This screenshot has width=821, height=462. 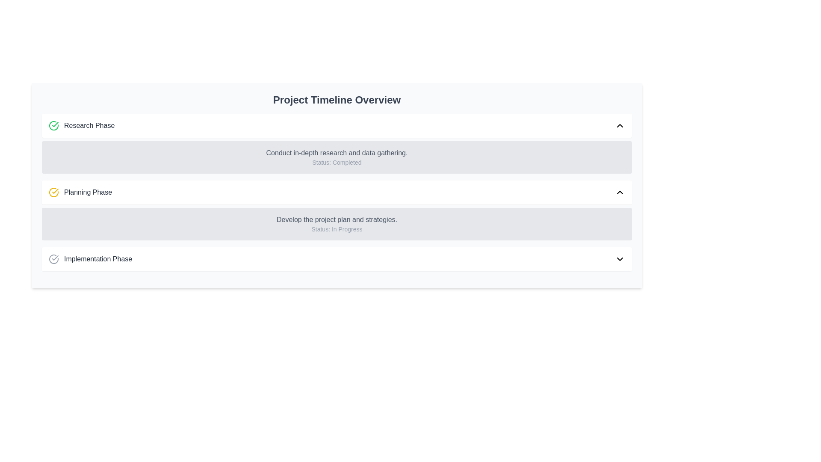 What do you see at coordinates (53, 192) in the screenshot?
I see `the circular icon with a checkmark symbol within a yellow circle located in the 'Planning Phase' section of the interface` at bounding box center [53, 192].